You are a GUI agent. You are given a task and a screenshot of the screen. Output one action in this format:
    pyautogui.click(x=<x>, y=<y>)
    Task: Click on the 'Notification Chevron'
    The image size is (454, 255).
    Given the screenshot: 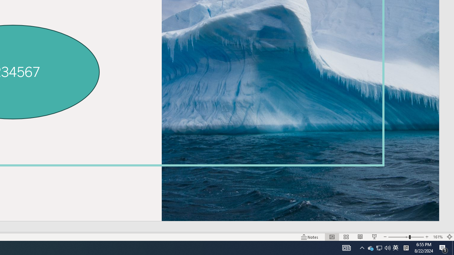 What is the action you would take?
    pyautogui.click(x=362, y=247)
    